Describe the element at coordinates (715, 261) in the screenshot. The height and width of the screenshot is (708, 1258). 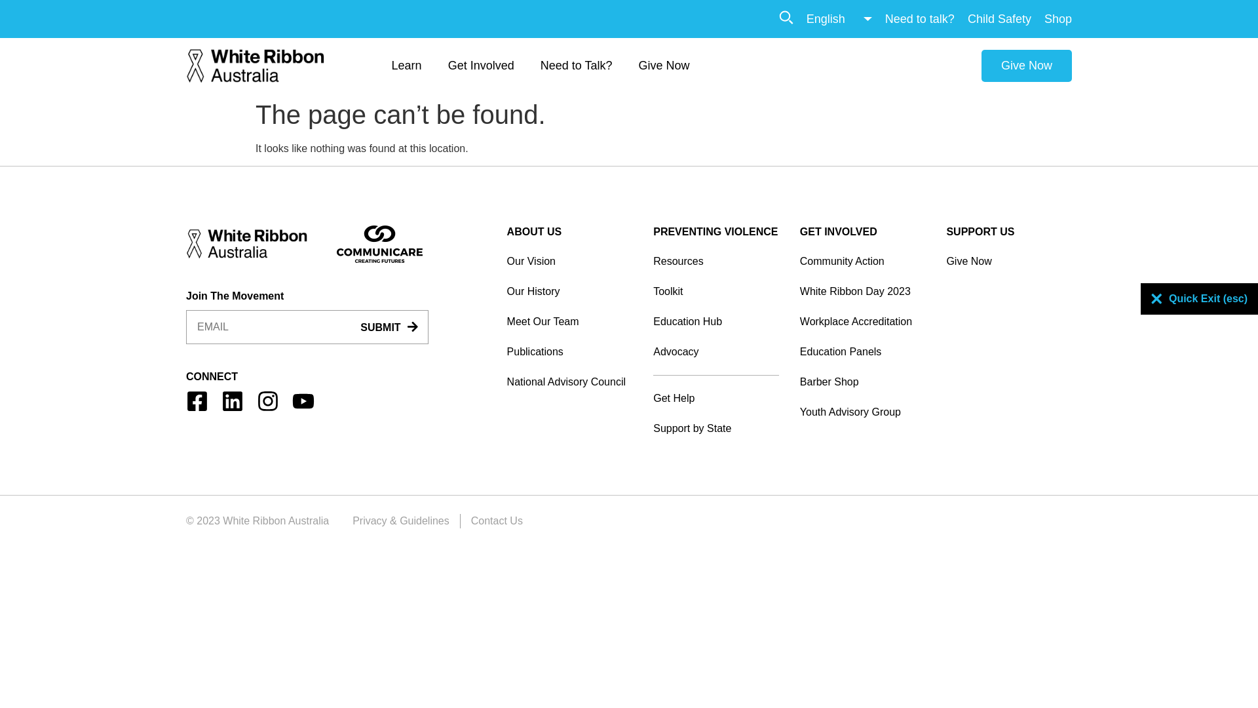
I see `'Resources'` at that location.